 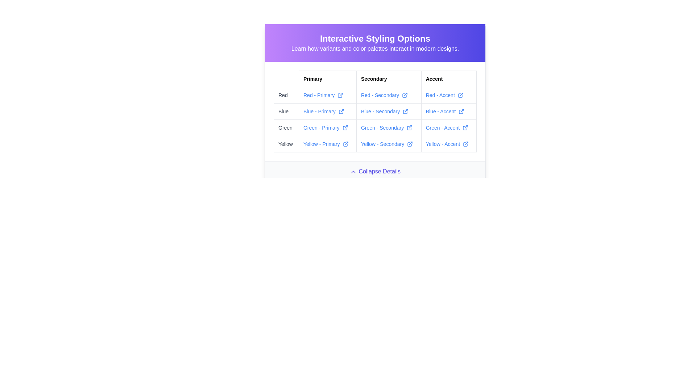 What do you see at coordinates (345, 127) in the screenshot?
I see `the external link icon next to the text 'Green - Primary'` at bounding box center [345, 127].